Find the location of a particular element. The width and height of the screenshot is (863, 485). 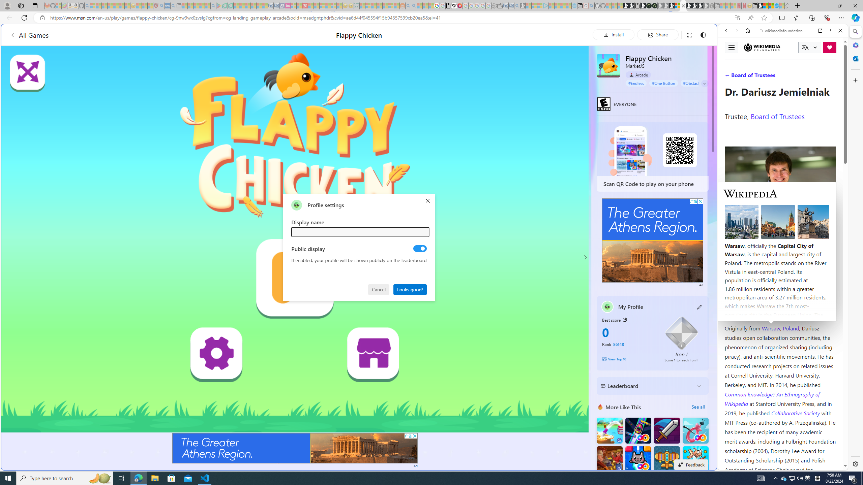

'#One Button' is located at coordinates (663, 83).